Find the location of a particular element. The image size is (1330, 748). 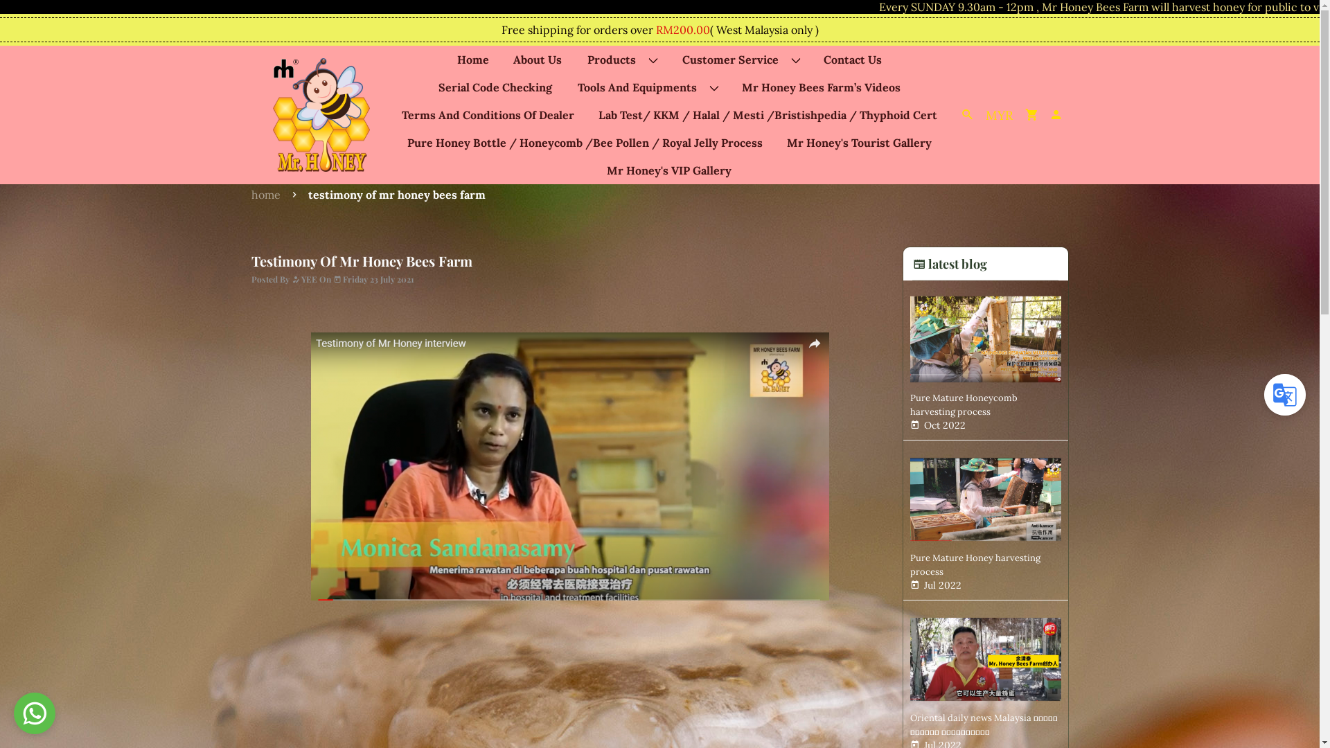

'Home' is located at coordinates (472, 58).